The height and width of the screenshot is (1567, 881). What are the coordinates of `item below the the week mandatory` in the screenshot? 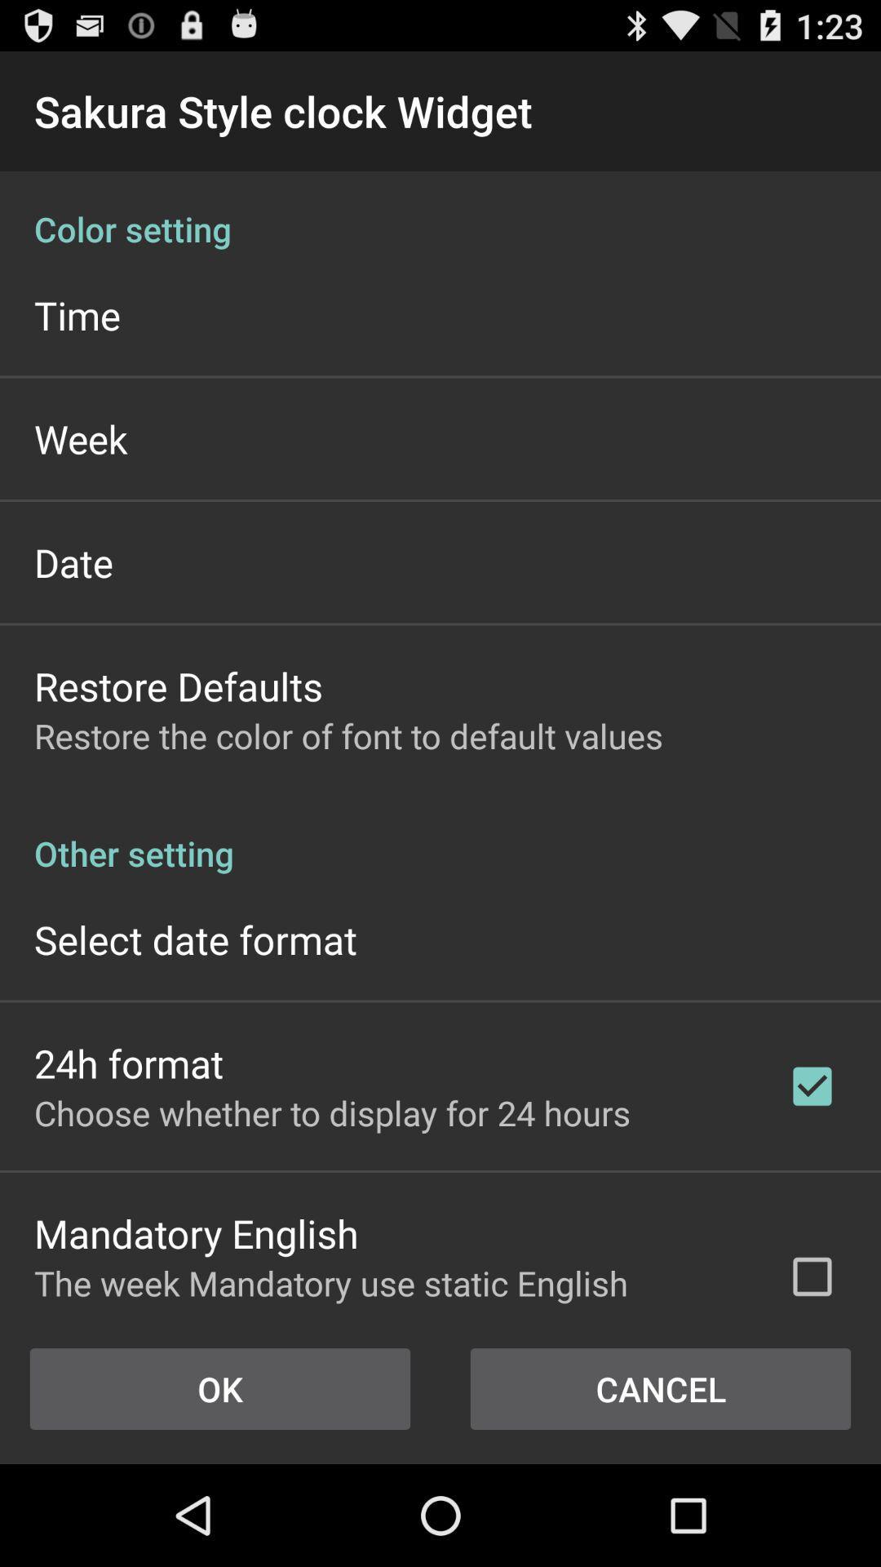 It's located at (661, 1388).